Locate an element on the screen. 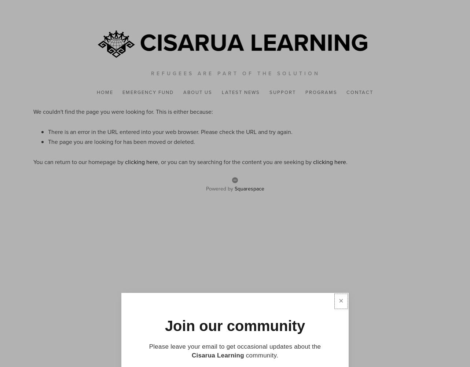 The width and height of the screenshot is (470, 367). 'Contact' is located at coordinates (359, 92).